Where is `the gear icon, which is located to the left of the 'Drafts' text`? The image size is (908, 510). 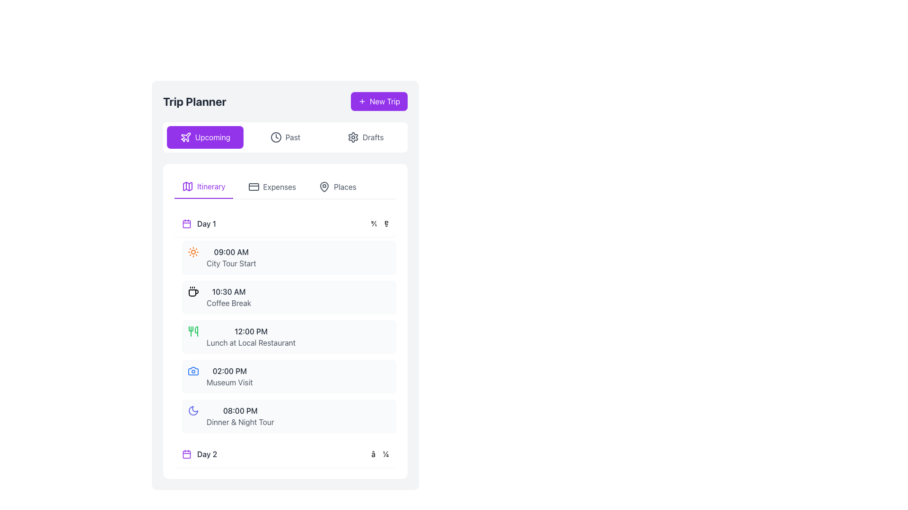 the gear icon, which is located to the left of the 'Drafts' text is located at coordinates (352, 137).